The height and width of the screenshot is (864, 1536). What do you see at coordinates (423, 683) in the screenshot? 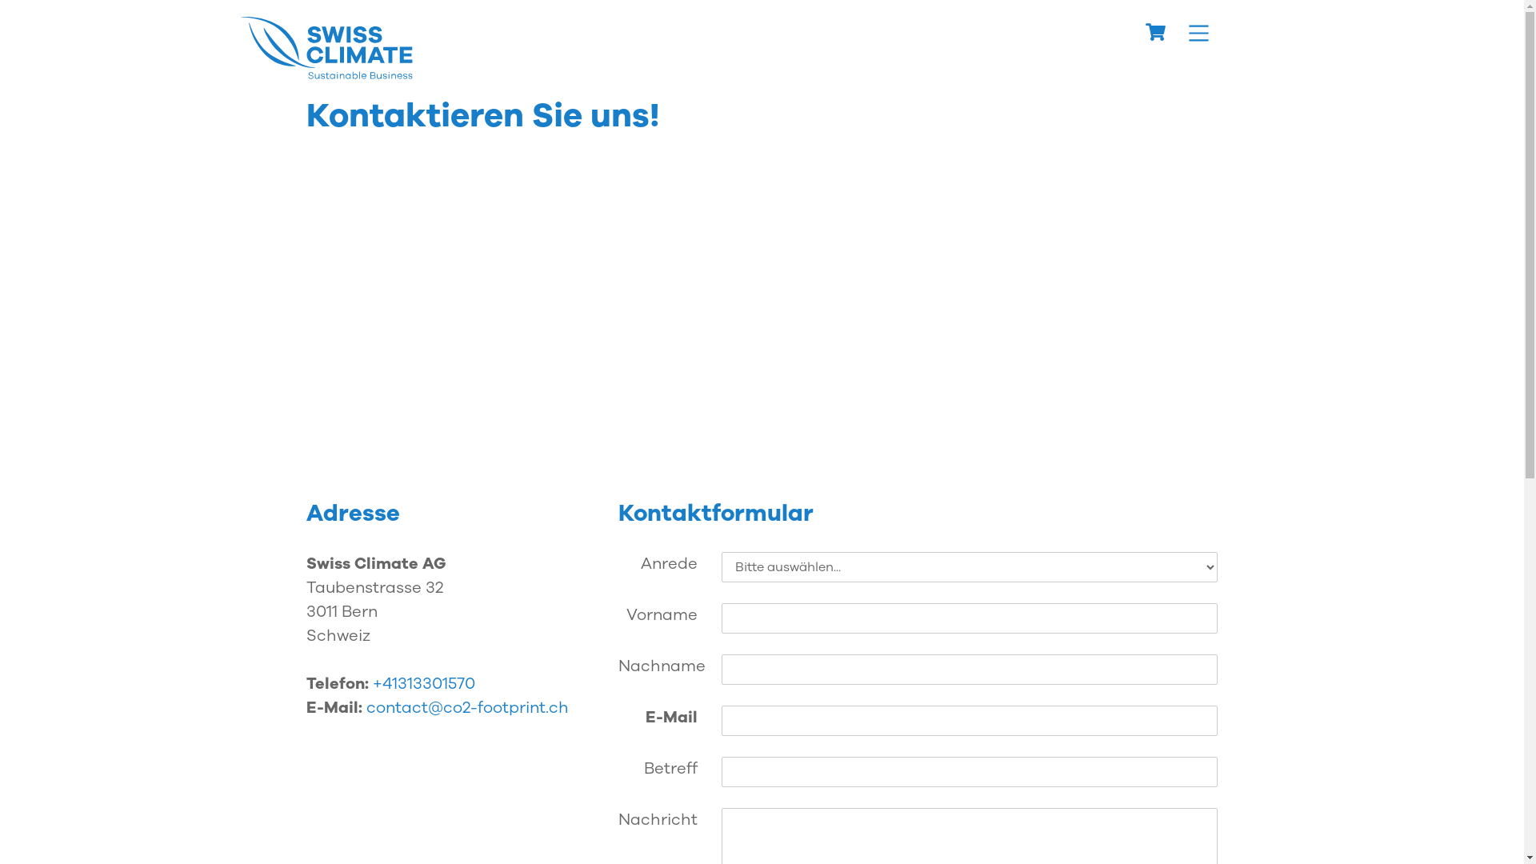
I see `'+41313301570'` at bounding box center [423, 683].